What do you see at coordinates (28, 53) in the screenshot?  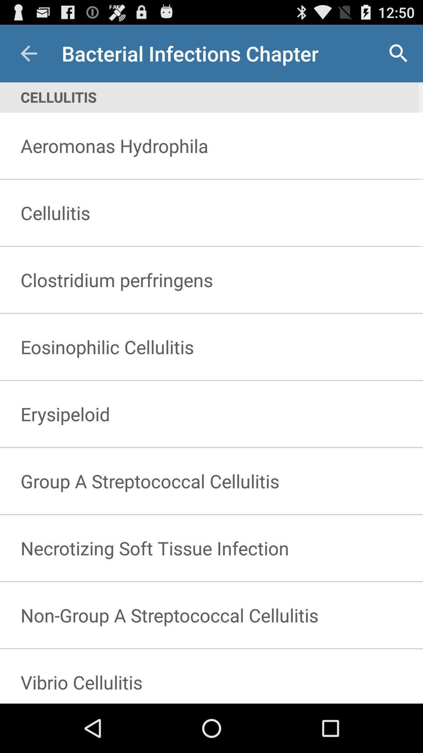 I see `item to the left of the bacterial infections chapter icon` at bounding box center [28, 53].